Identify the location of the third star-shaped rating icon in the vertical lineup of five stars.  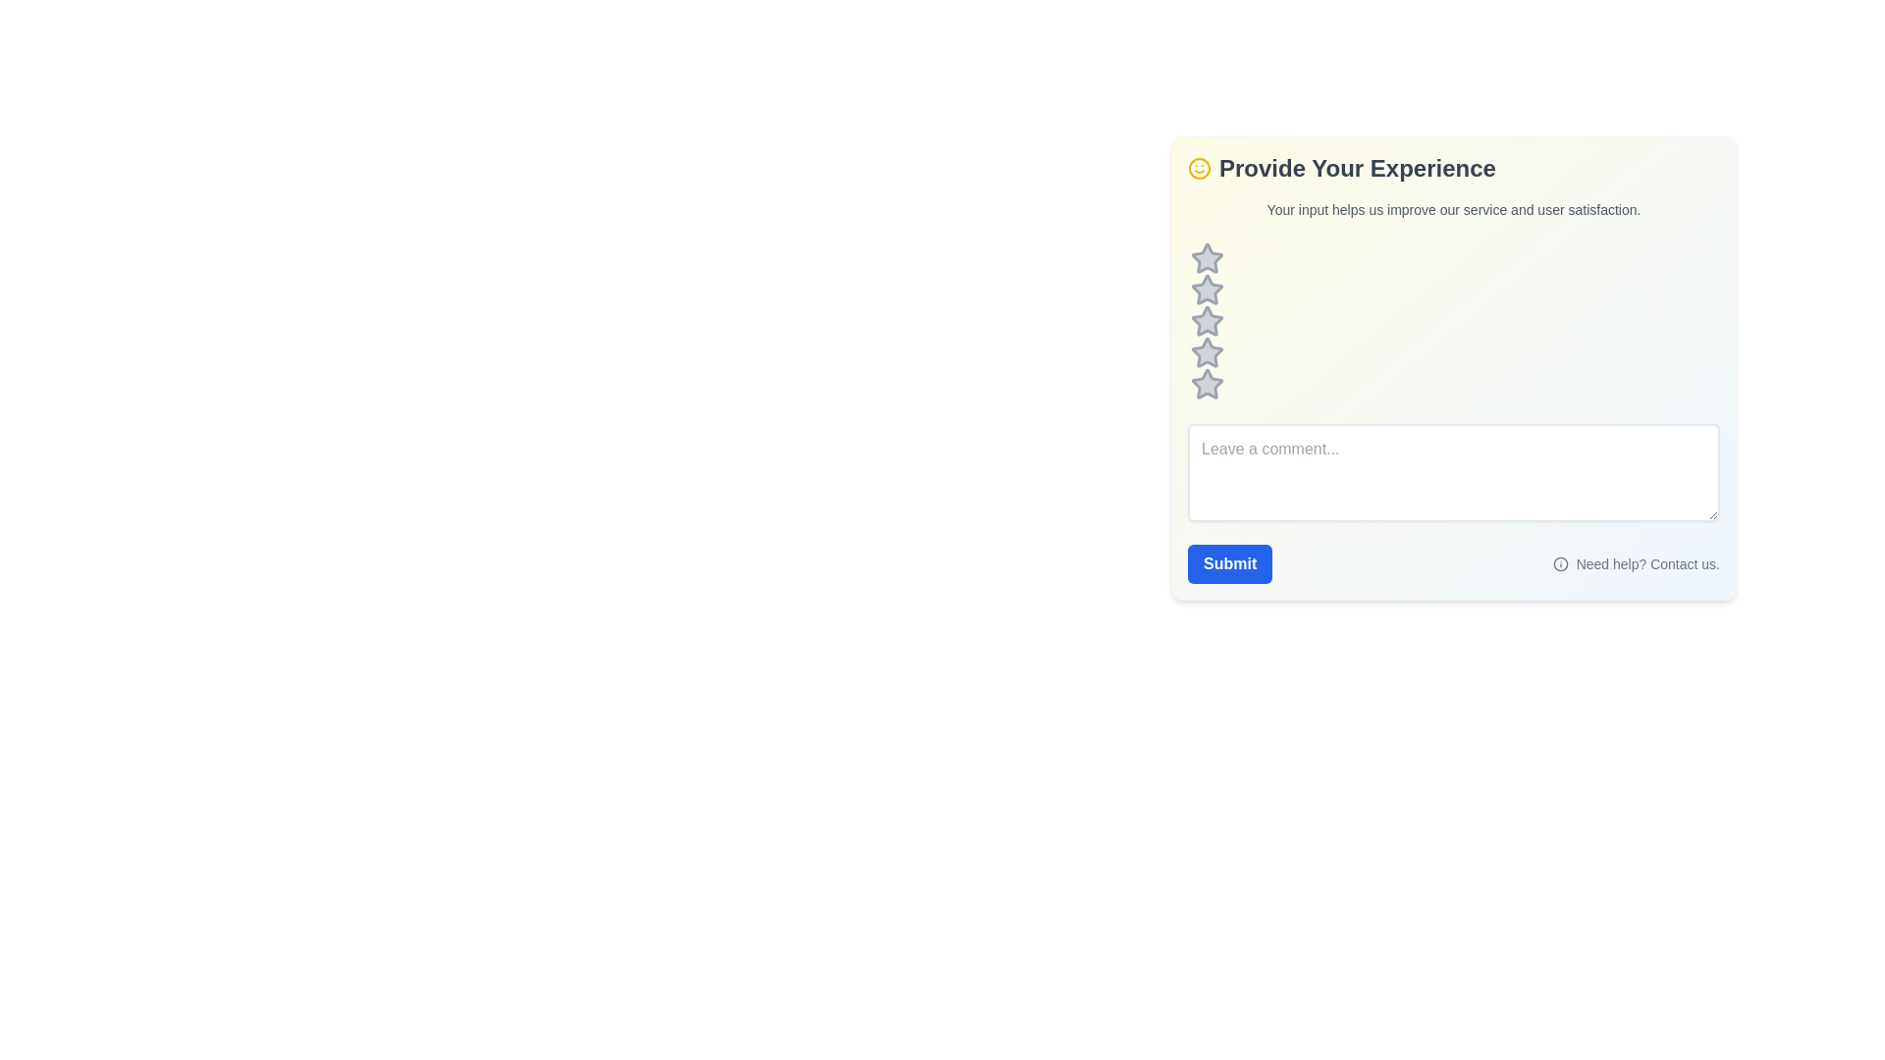
(1206, 320).